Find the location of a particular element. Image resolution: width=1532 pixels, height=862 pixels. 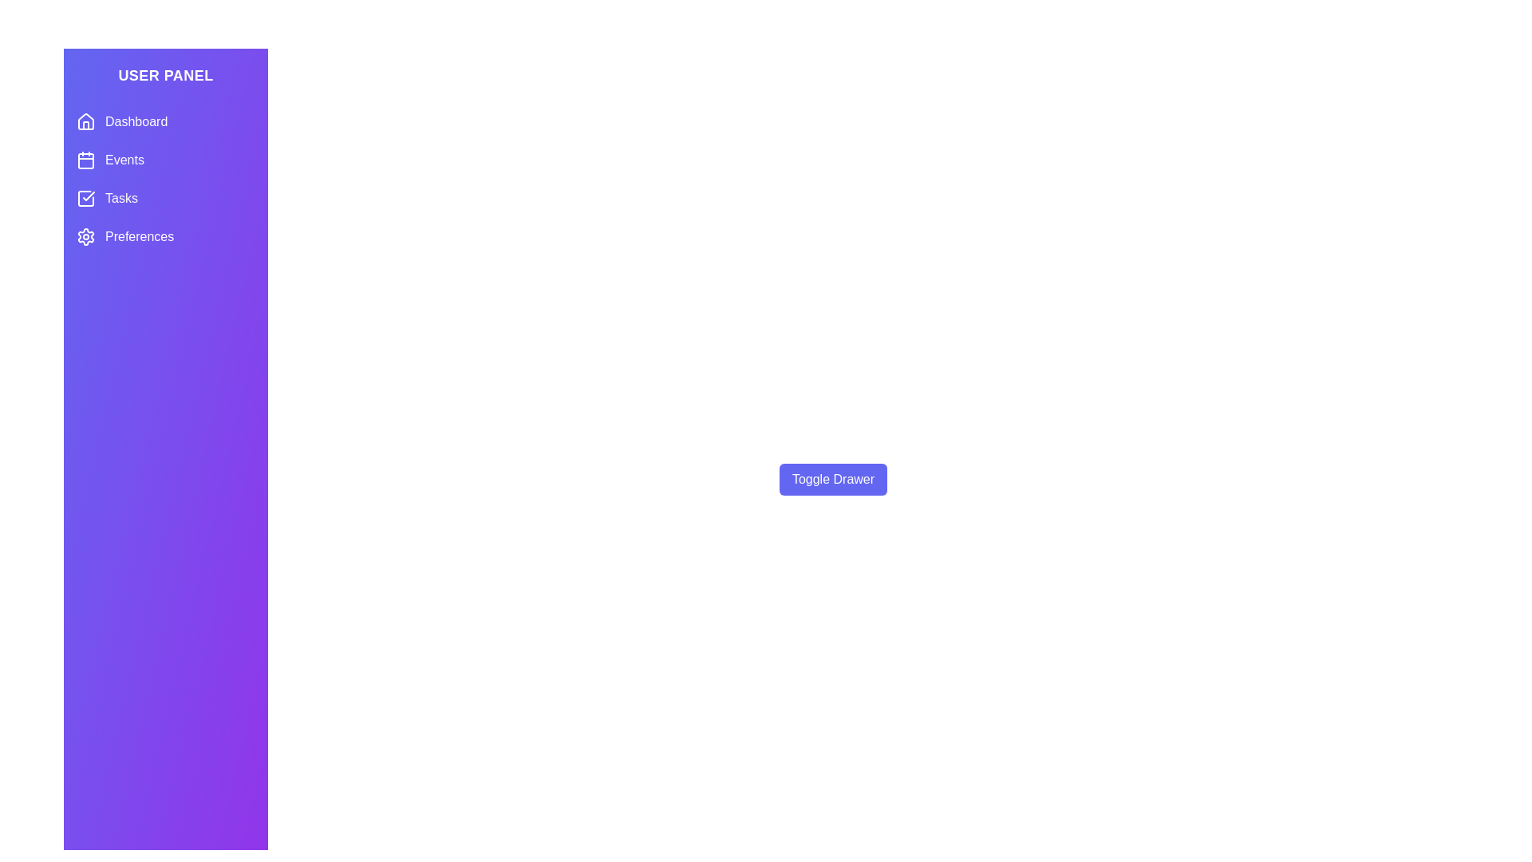

the menu item labeled Events is located at coordinates (165, 160).